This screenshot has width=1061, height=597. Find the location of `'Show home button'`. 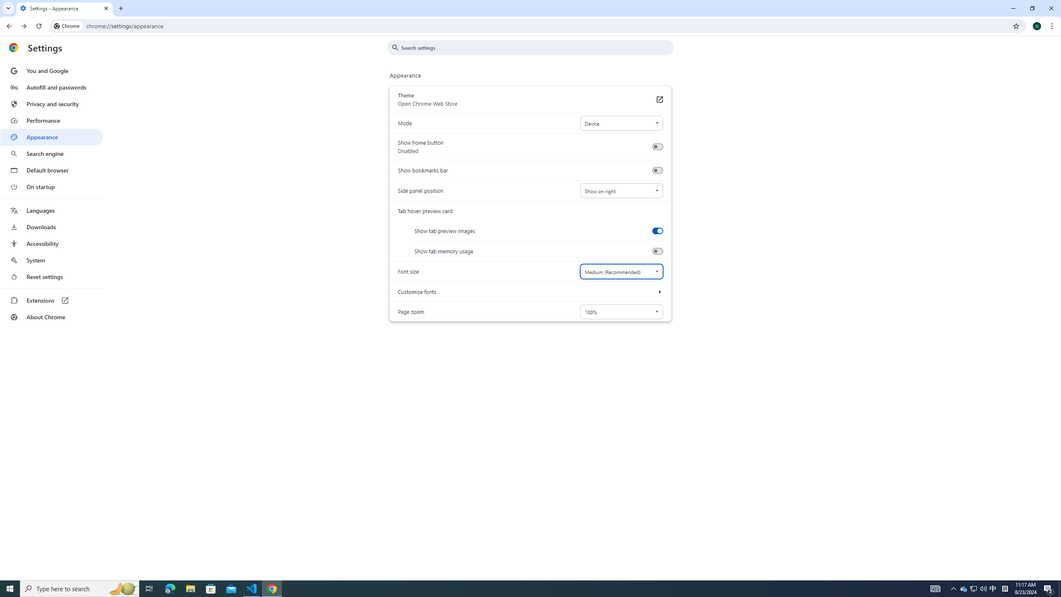

'Show home button' is located at coordinates (657, 146).